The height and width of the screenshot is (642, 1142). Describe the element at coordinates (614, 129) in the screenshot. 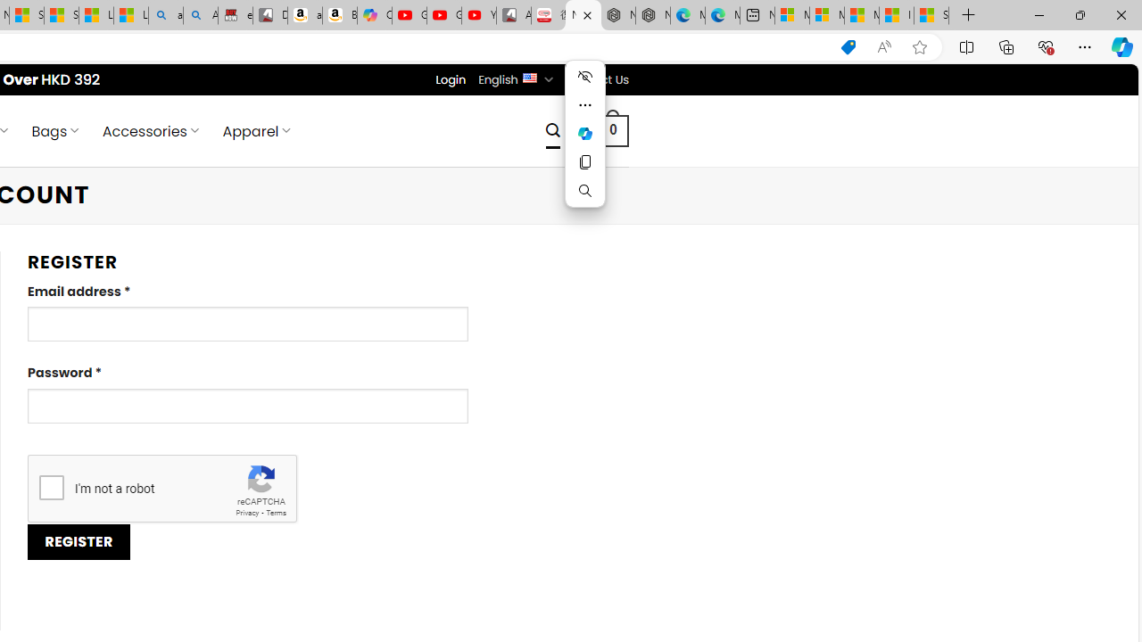

I see `'  0  '` at that location.